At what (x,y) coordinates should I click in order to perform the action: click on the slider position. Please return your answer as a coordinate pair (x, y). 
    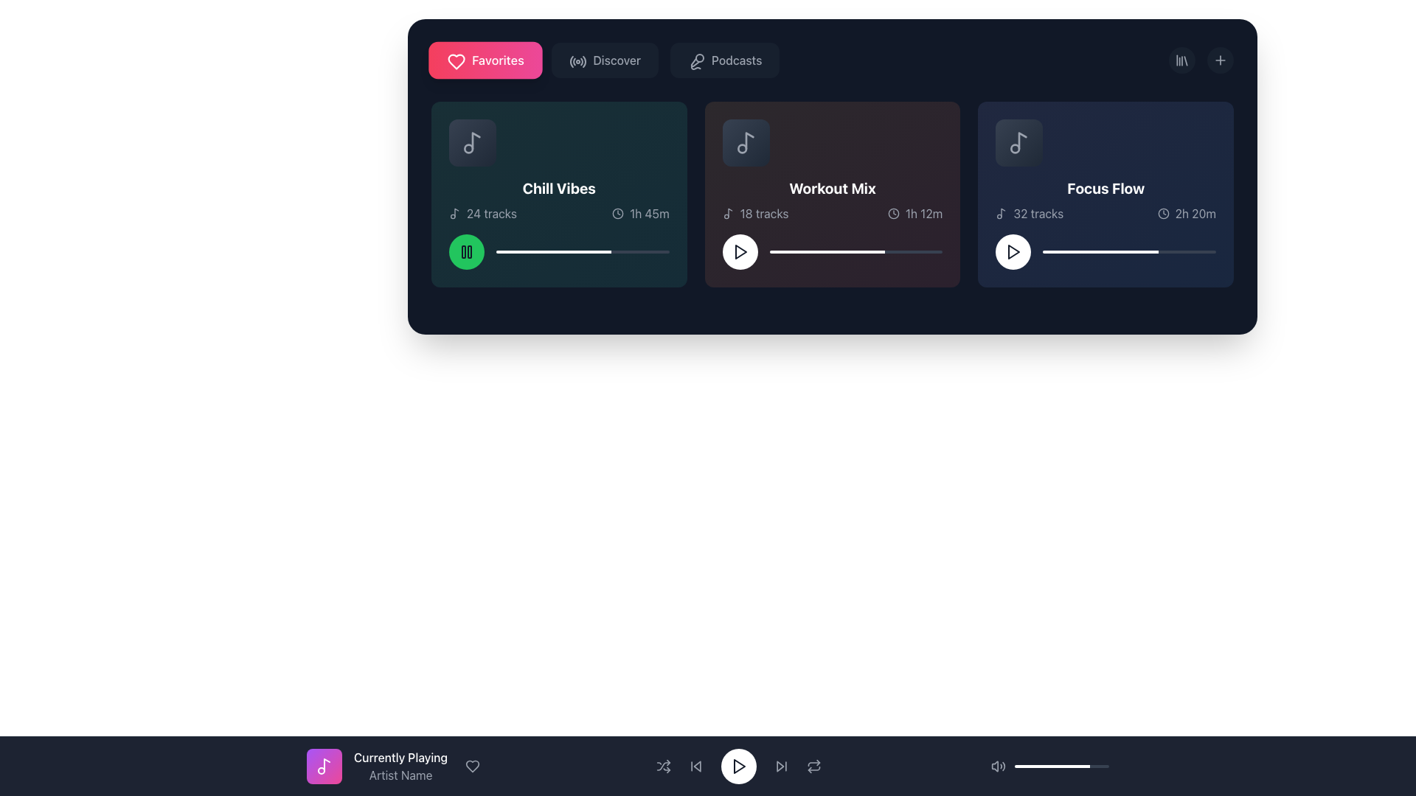
    Looking at the image, I should click on (1042, 251).